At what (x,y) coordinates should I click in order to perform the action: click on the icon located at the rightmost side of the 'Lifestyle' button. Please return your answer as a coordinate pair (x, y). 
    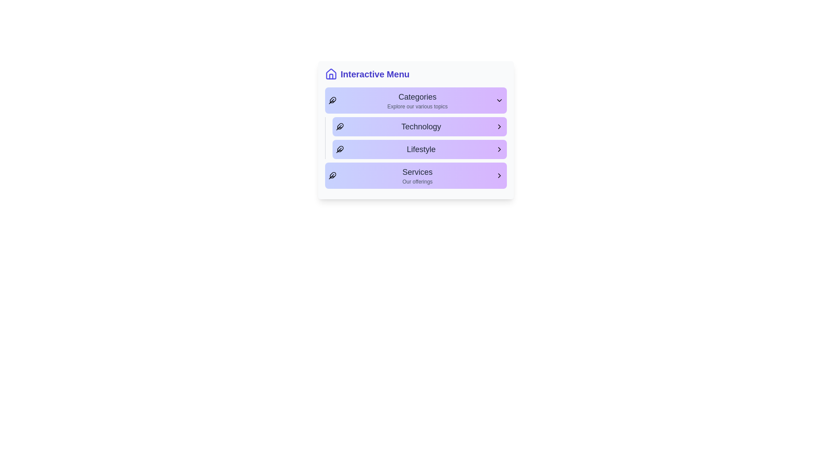
    Looking at the image, I should click on (499, 149).